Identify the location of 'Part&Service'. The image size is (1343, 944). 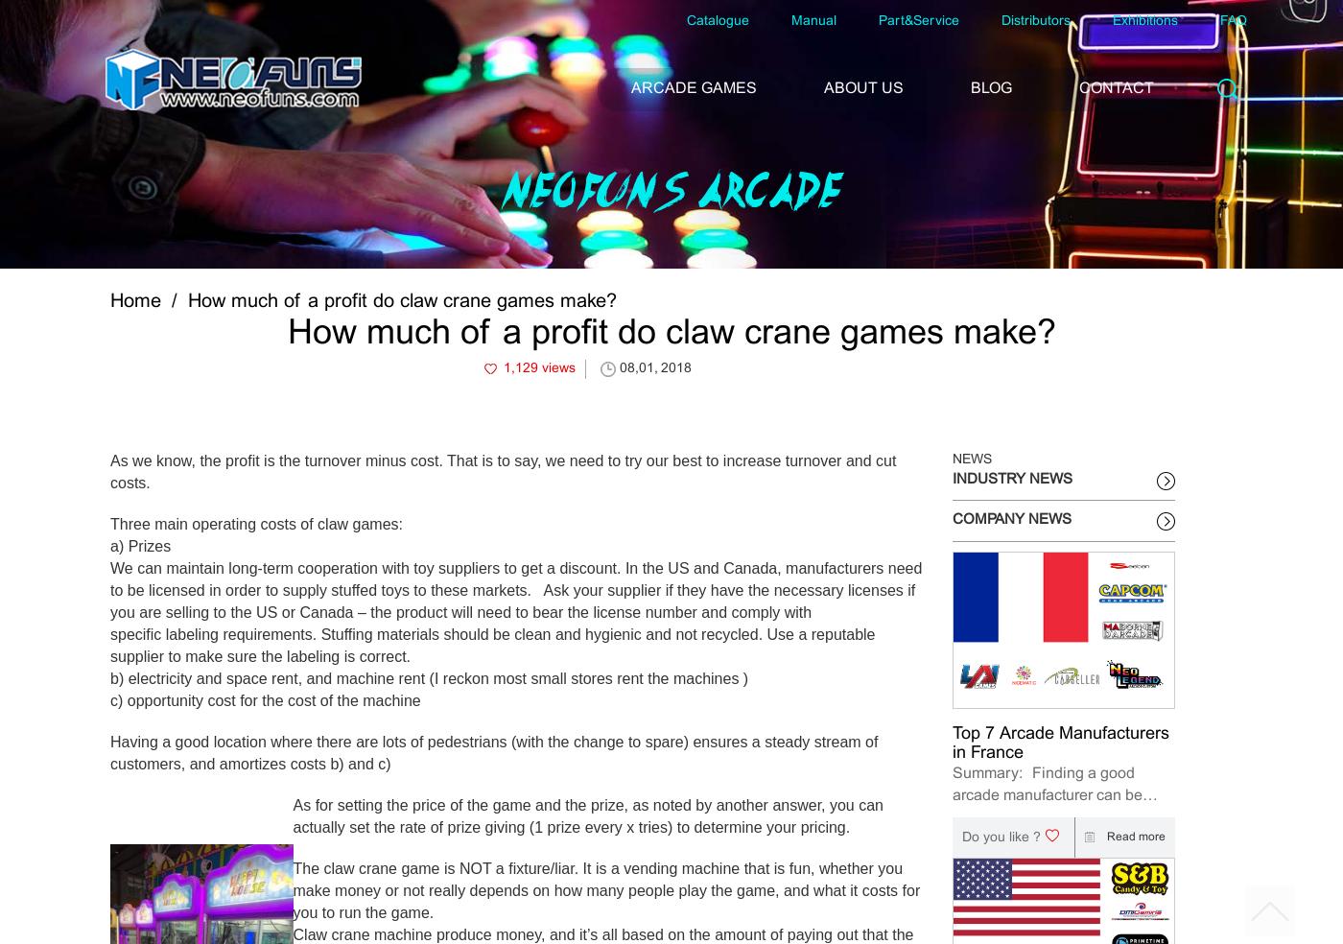
(919, 20).